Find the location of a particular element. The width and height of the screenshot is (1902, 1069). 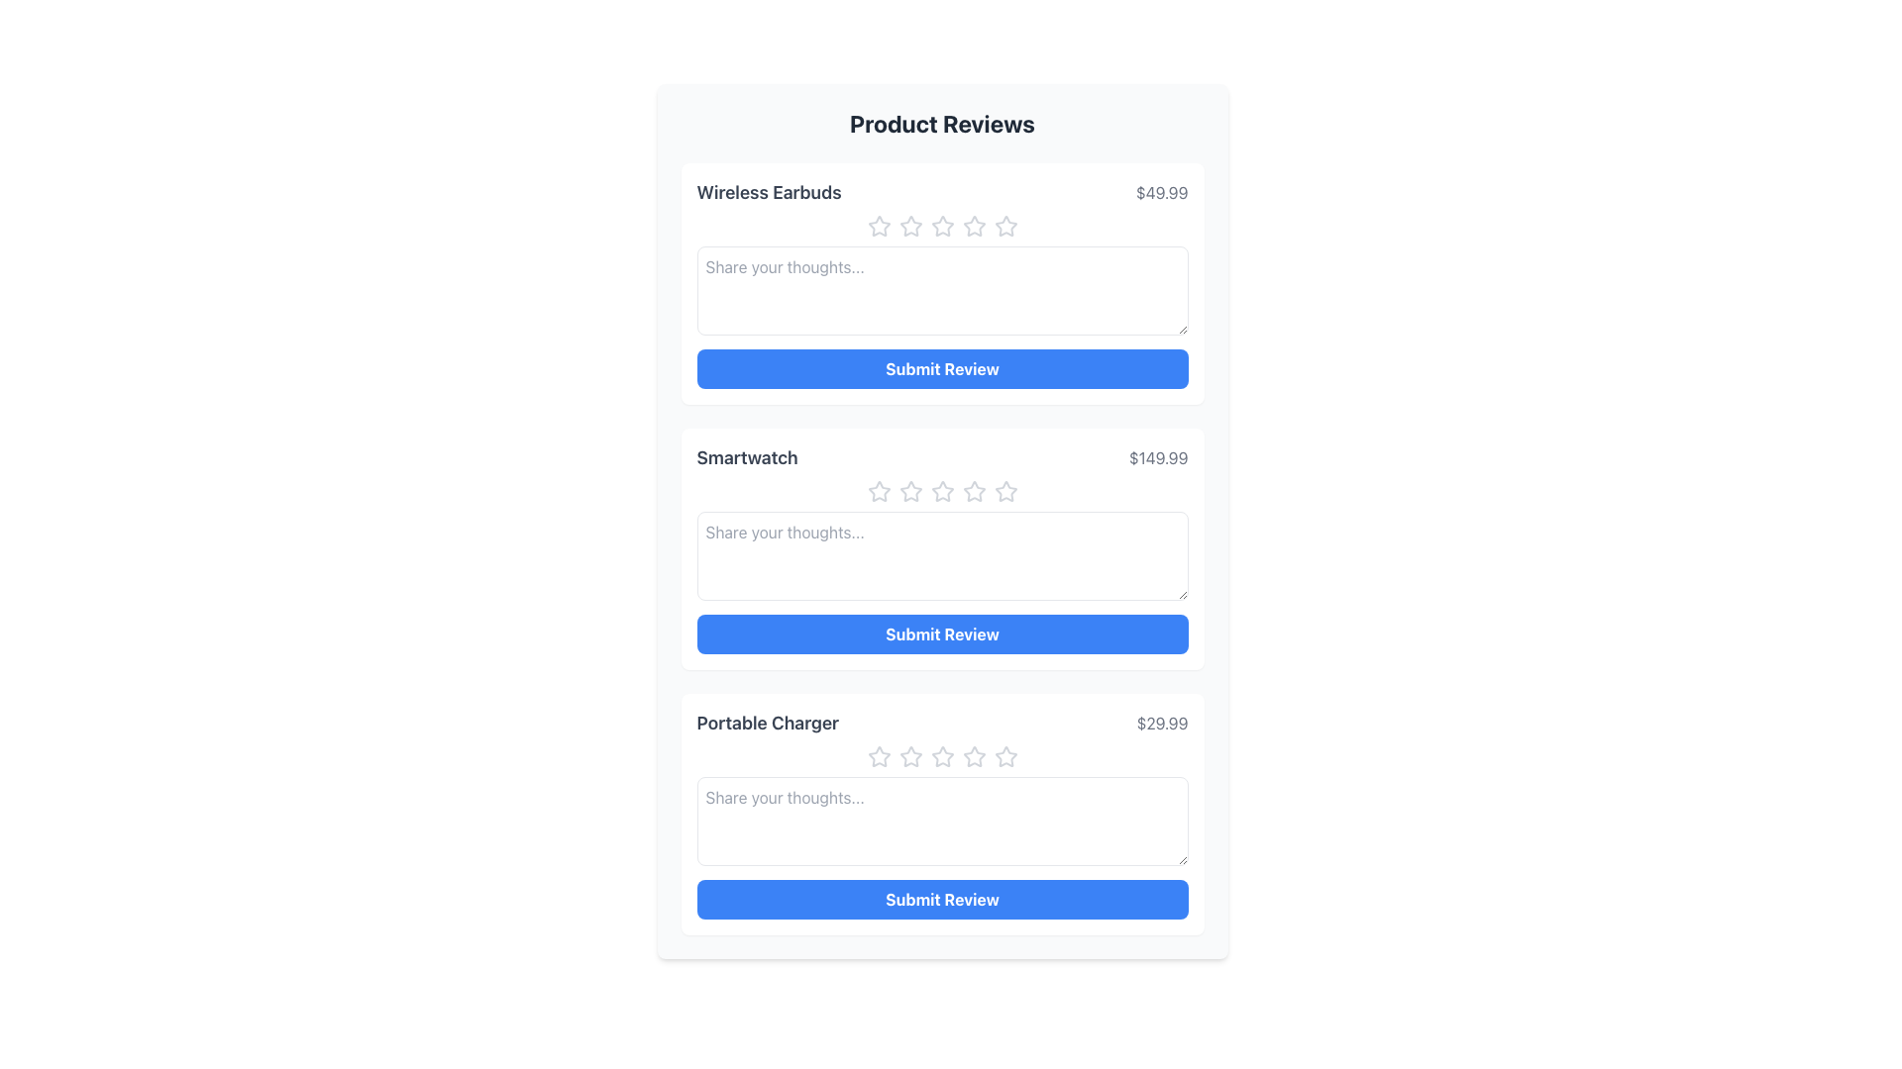

the text area labeled 'Share your thoughts...' in the review input card for 'Wireless Earbuds' to write a review is located at coordinates (941, 283).